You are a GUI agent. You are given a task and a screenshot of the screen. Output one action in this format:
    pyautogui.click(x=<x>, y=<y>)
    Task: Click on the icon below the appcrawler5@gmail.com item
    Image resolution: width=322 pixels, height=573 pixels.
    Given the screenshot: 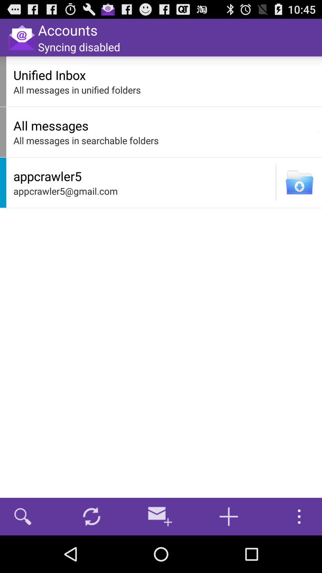 What is the action you would take?
    pyautogui.click(x=160, y=516)
    